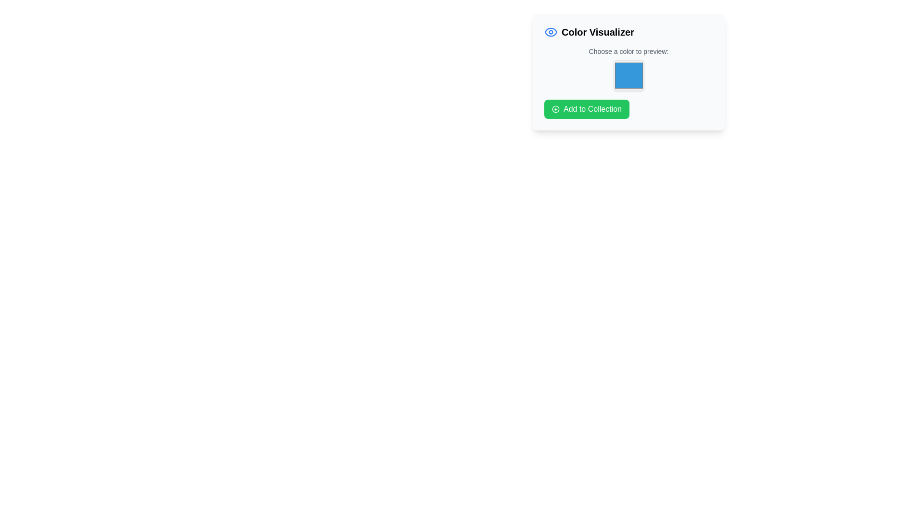 This screenshot has height=520, width=924. Describe the element at coordinates (556, 109) in the screenshot. I see `the icon associated with the 'Add to Collection' button` at that location.